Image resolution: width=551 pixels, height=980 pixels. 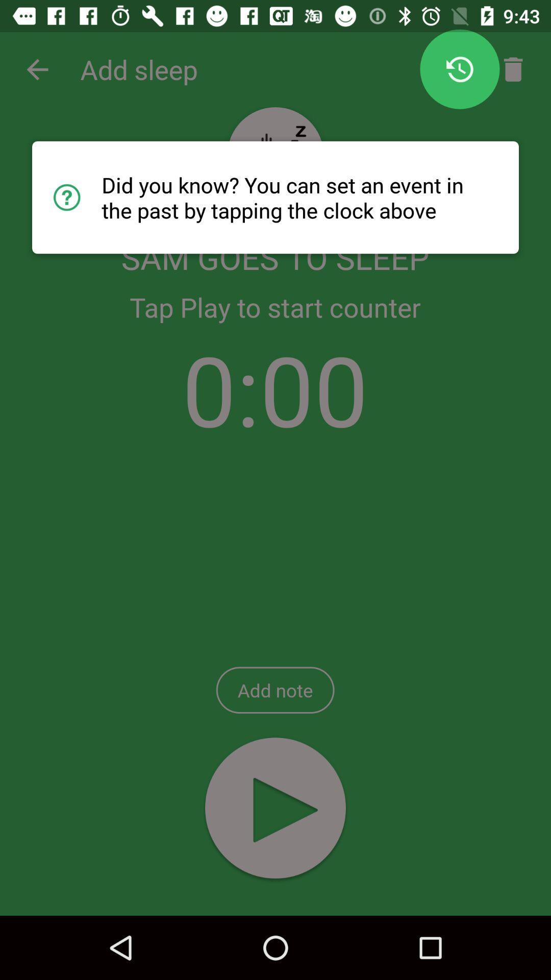 What do you see at coordinates (274, 388) in the screenshot?
I see `the 0:00 item` at bounding box center [274, 388].